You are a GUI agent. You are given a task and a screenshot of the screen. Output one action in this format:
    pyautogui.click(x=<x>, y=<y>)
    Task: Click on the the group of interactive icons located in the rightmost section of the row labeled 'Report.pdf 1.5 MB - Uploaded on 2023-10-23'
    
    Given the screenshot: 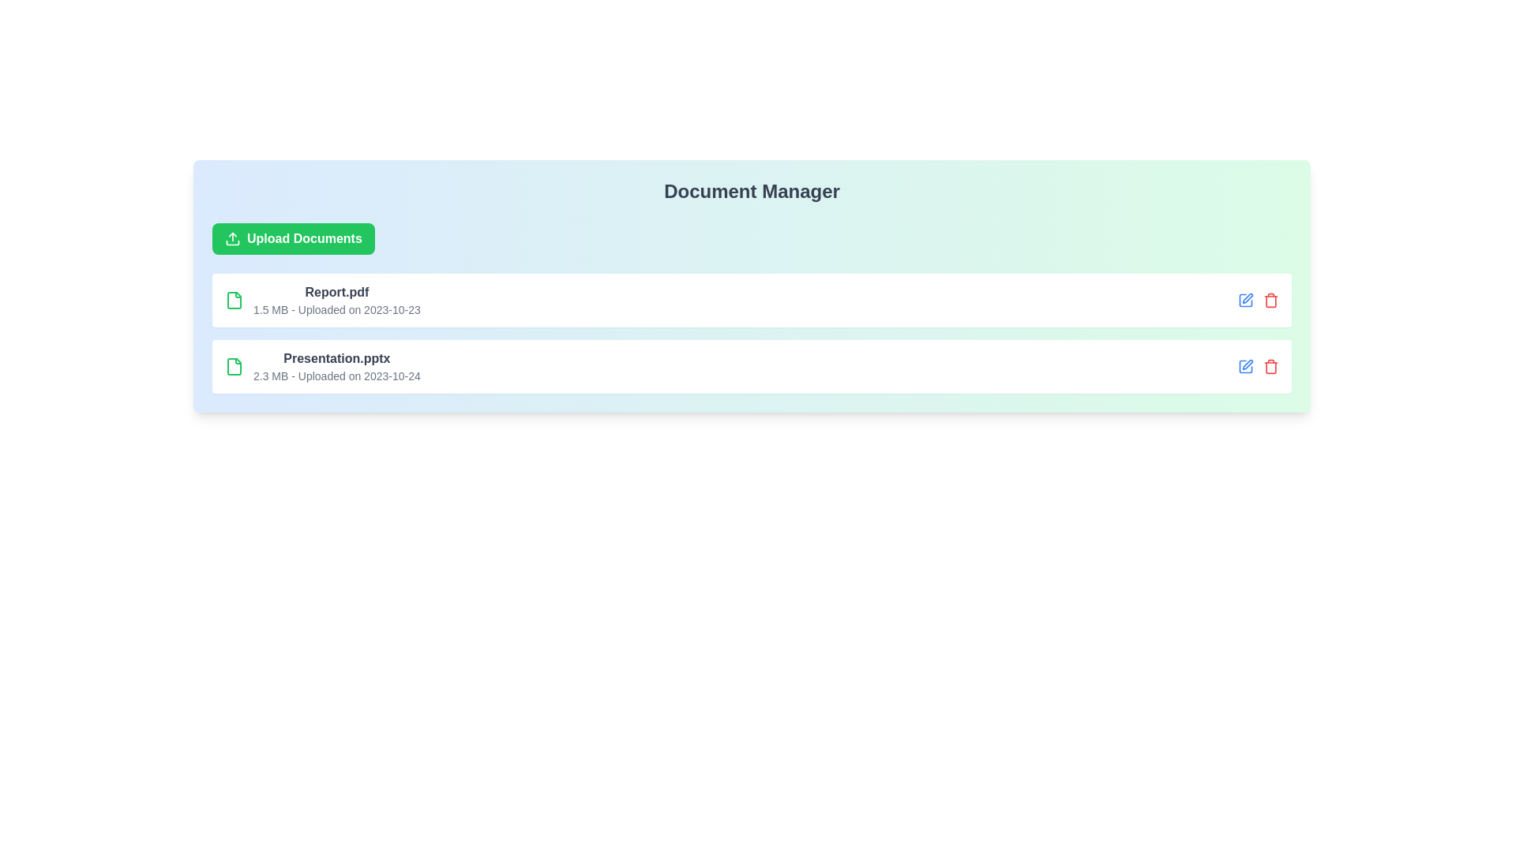 What is the action you would take?
    pyautogui.click(x=1257, y=301)
    